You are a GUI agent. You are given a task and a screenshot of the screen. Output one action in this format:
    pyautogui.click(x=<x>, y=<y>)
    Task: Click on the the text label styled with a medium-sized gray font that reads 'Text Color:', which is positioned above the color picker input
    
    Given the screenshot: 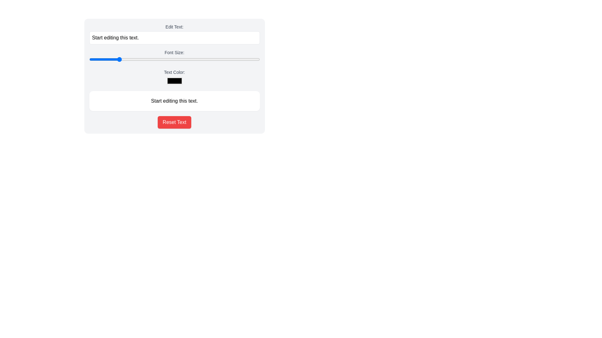 What is the action you would take?
    pyautogui.click(x=174, y=72)
    